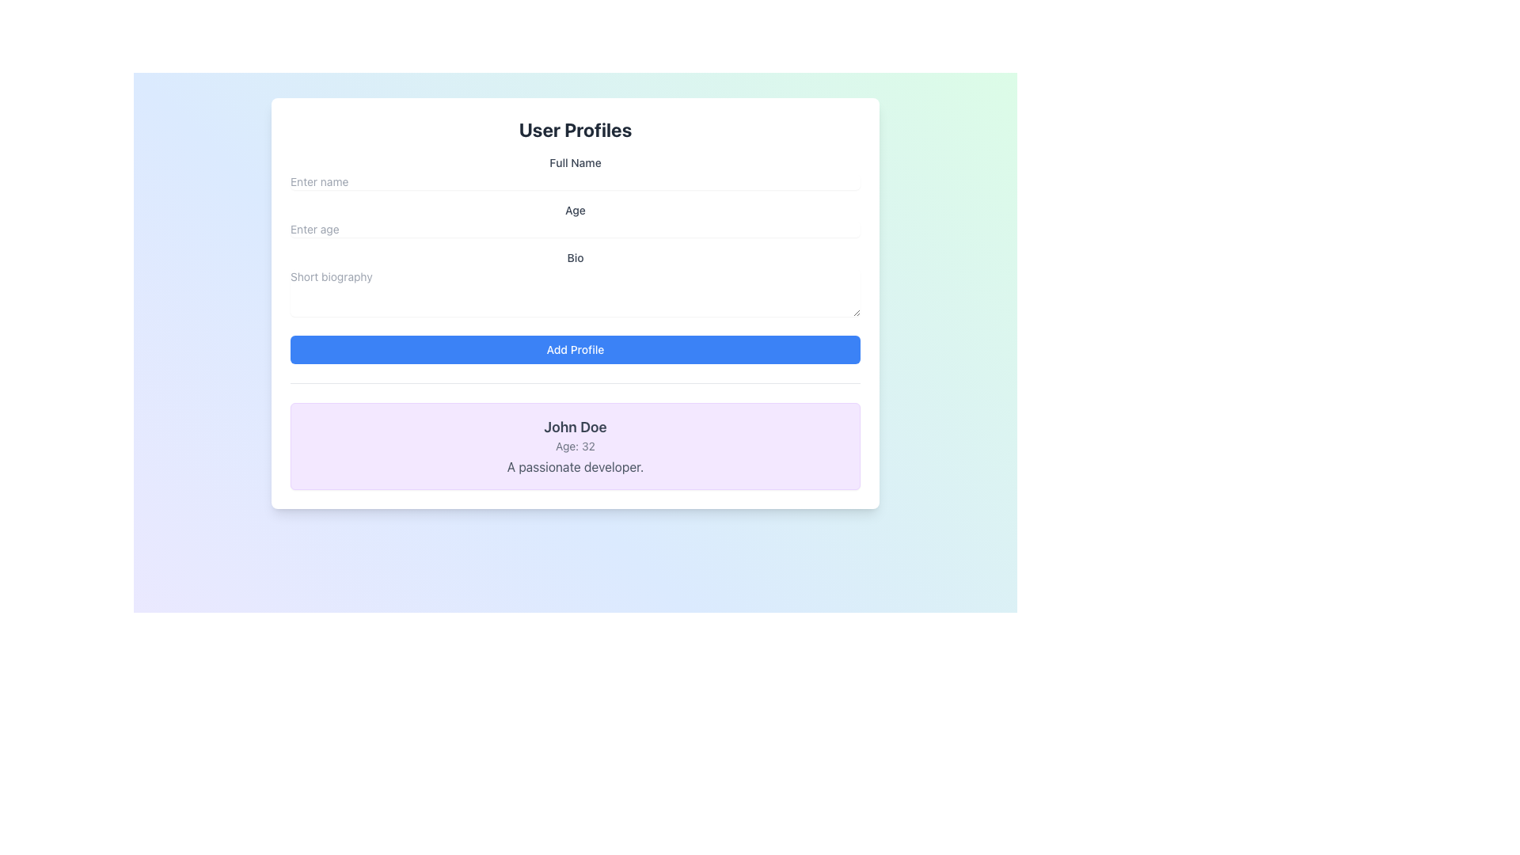 The height and width of the screenshot is (855, 1520). Describe the element at coordinates (574, 349) in the screenshot. I see `the submit button located at the bottom of the form section` at that location.